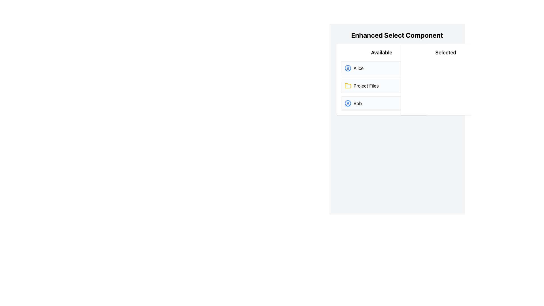 The image size is (544, 306). I want to click on the text label 'Bob' located in the vertical list under the 'Available' section, so click(357, 103).